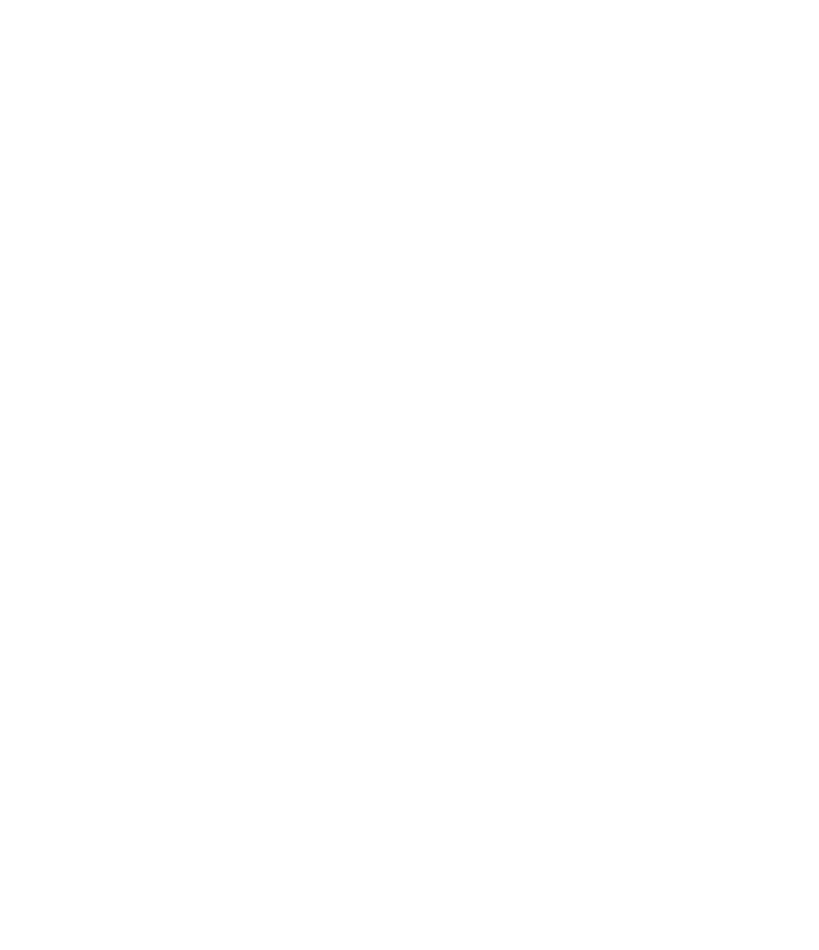  Describe the element at coordinates (582, 720) in the screenshot. I see `'A true adventure'` at that location.